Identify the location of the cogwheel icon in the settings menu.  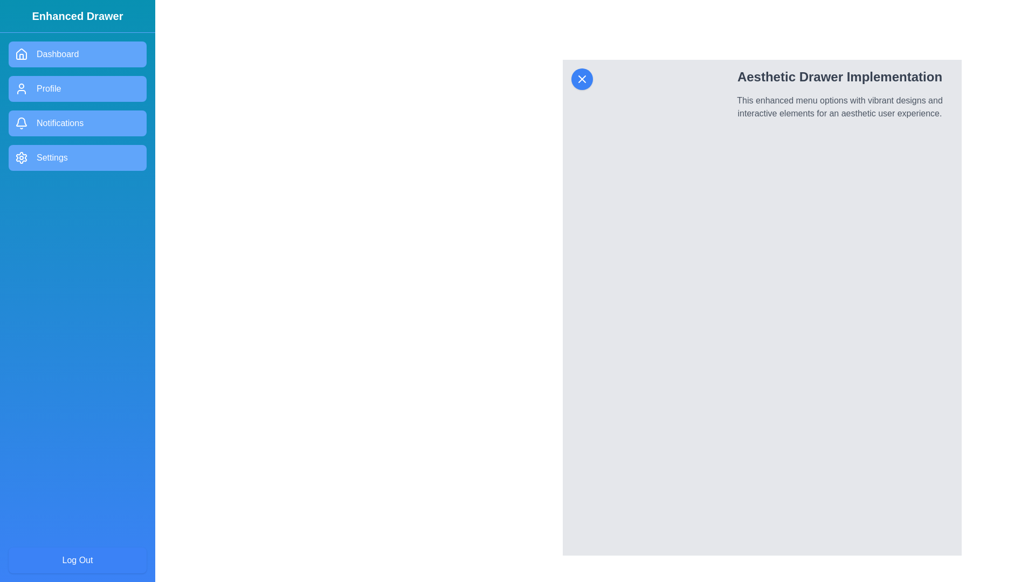
(21, 158).